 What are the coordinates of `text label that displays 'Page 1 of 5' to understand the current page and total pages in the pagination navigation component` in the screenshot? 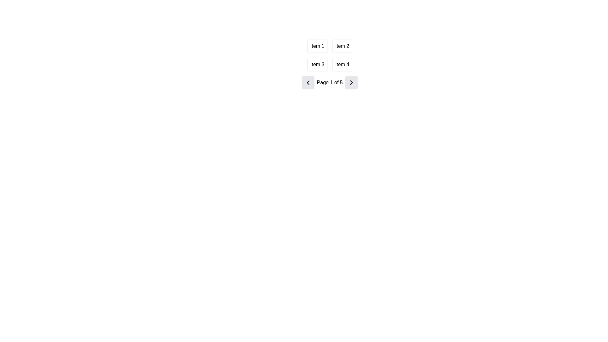 It's located at (329, 82).